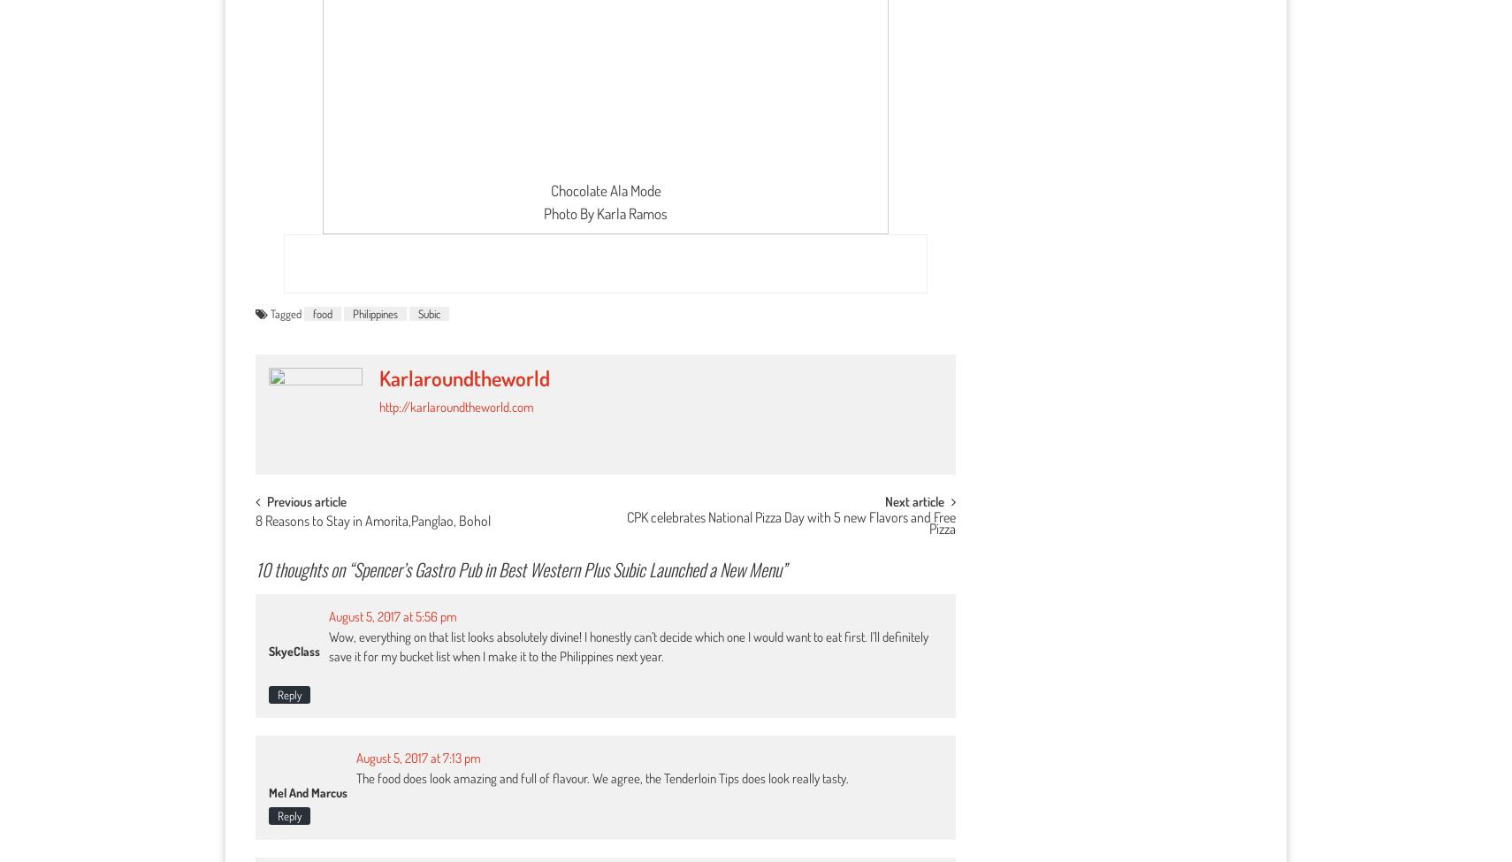 This screenshot has height=862, width=1512. Describe the element at coordinates (393, 615) in the screenshot. I see `'August 5, 2017 at 5:56 pm'` at that location.